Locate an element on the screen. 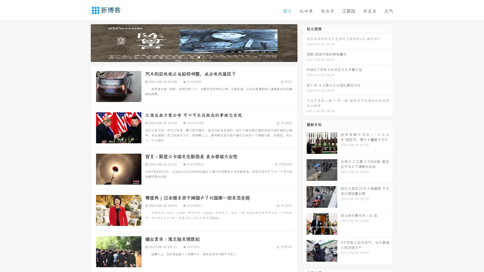 The image size is (484, 272). Go to slide 2 is located at coordinates (194, 57).